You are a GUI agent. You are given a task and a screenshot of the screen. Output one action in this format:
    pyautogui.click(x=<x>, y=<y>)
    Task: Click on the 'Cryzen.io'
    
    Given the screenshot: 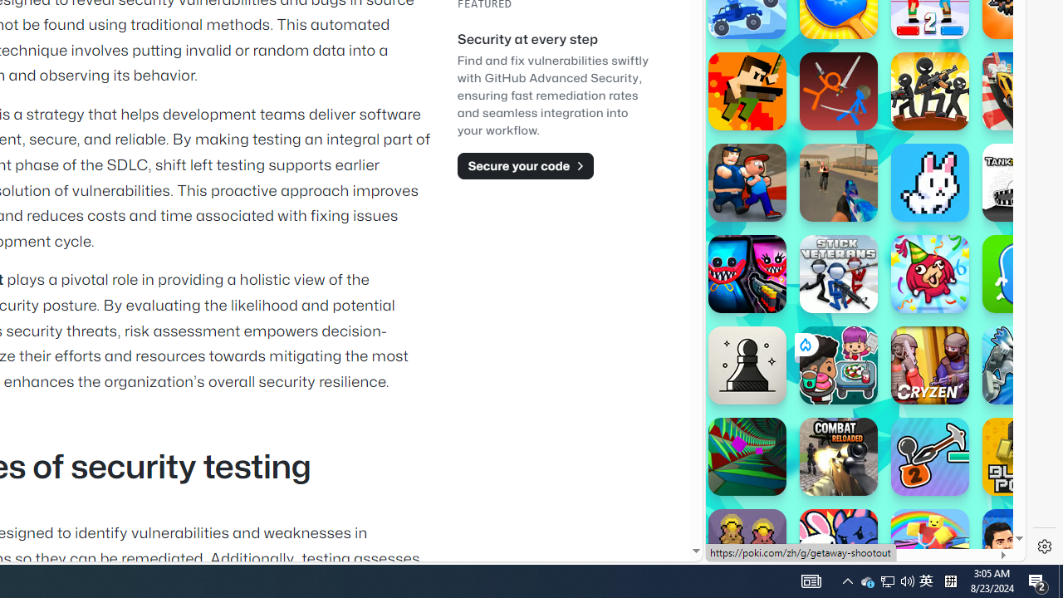 What is the action you would take?
    pyautogui.click(x=930, y=364)
    